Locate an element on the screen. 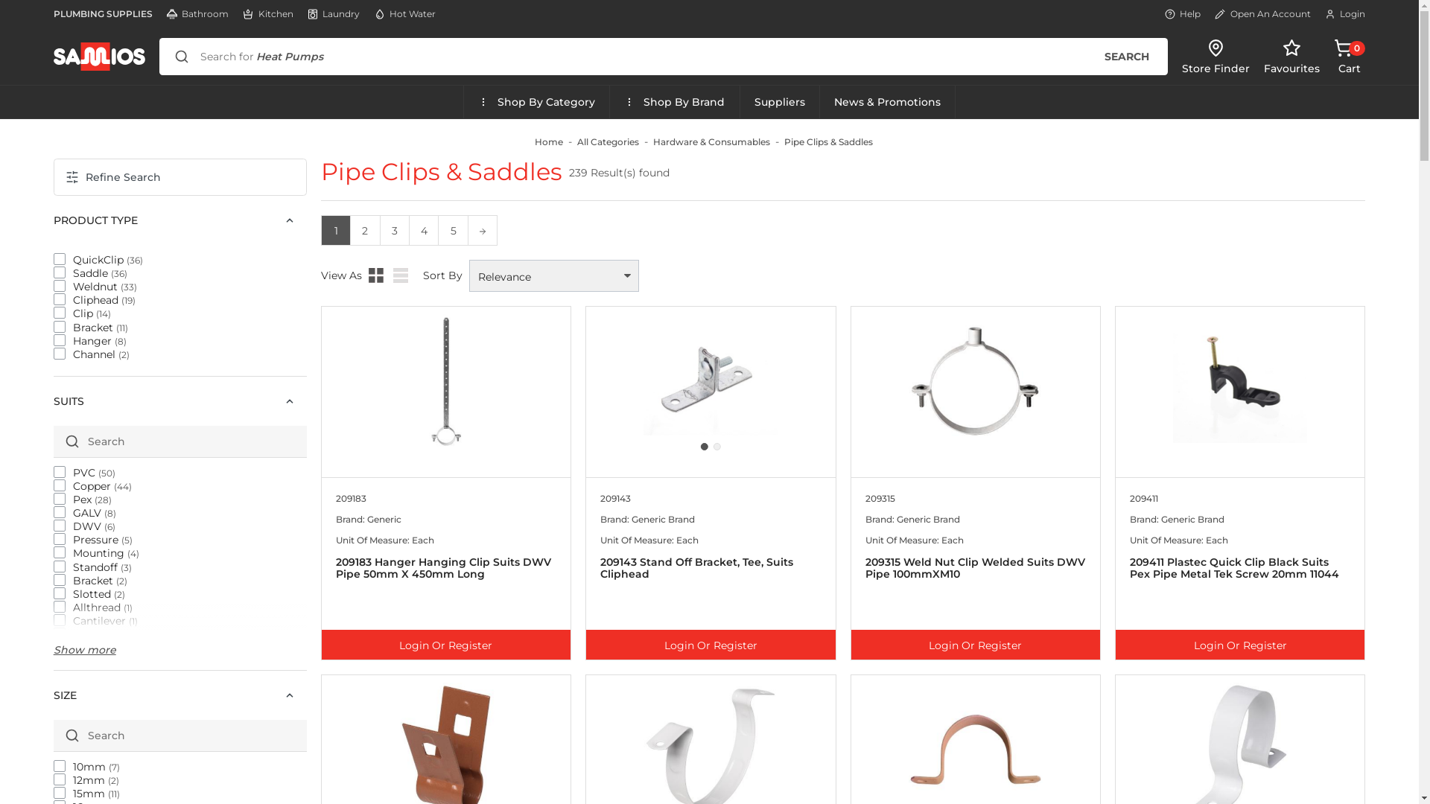 The width and height of the screenshot is (1430, 804). '5' is located at coordinates (452, 229).